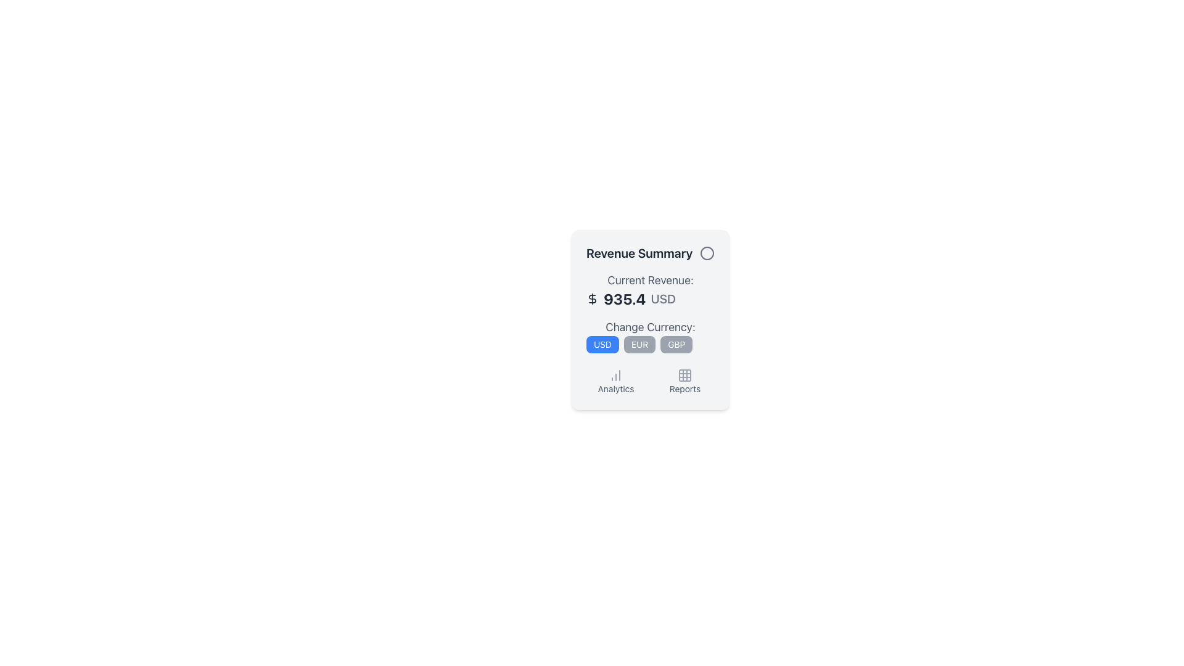  What do you see at coordinates (684, 380) in the screenshot?
I see `the 'Reports' button located in the bottom-right part of the layout, featuring a grid icon and the text 'Reports' below it` at bounding box center [684, 380].